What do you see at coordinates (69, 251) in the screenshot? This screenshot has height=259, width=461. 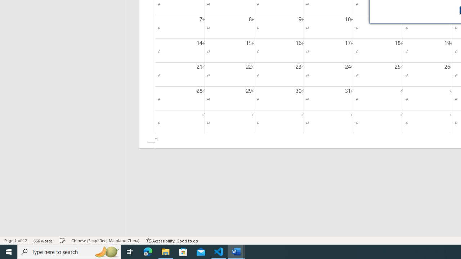 I see `'Type here to search'` at bounding box center [69, 251].